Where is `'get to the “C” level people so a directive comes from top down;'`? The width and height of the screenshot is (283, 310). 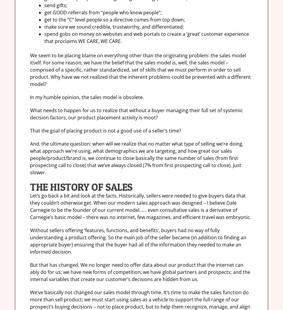 'get to the “C” level people so a directive comes from top down;' is located at coordinates (114, 19).